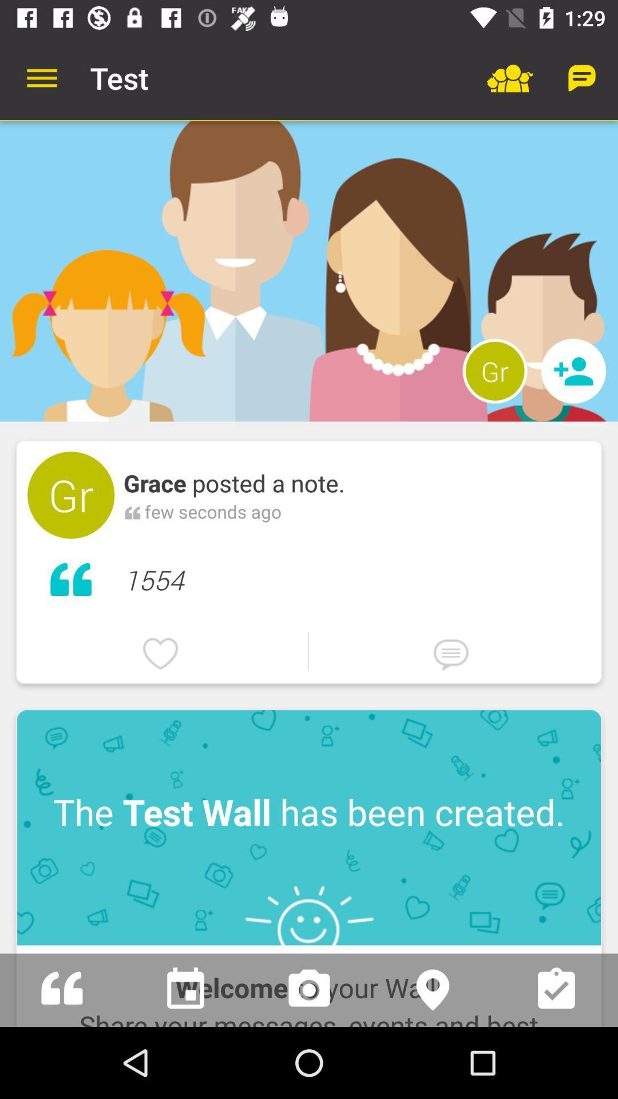 The height and width of the screenshot is (1099, 618). What do you see at coordinates (233, 483) in the screenshot?
I see `grace posted a icon` at bounding box center [233, 483].